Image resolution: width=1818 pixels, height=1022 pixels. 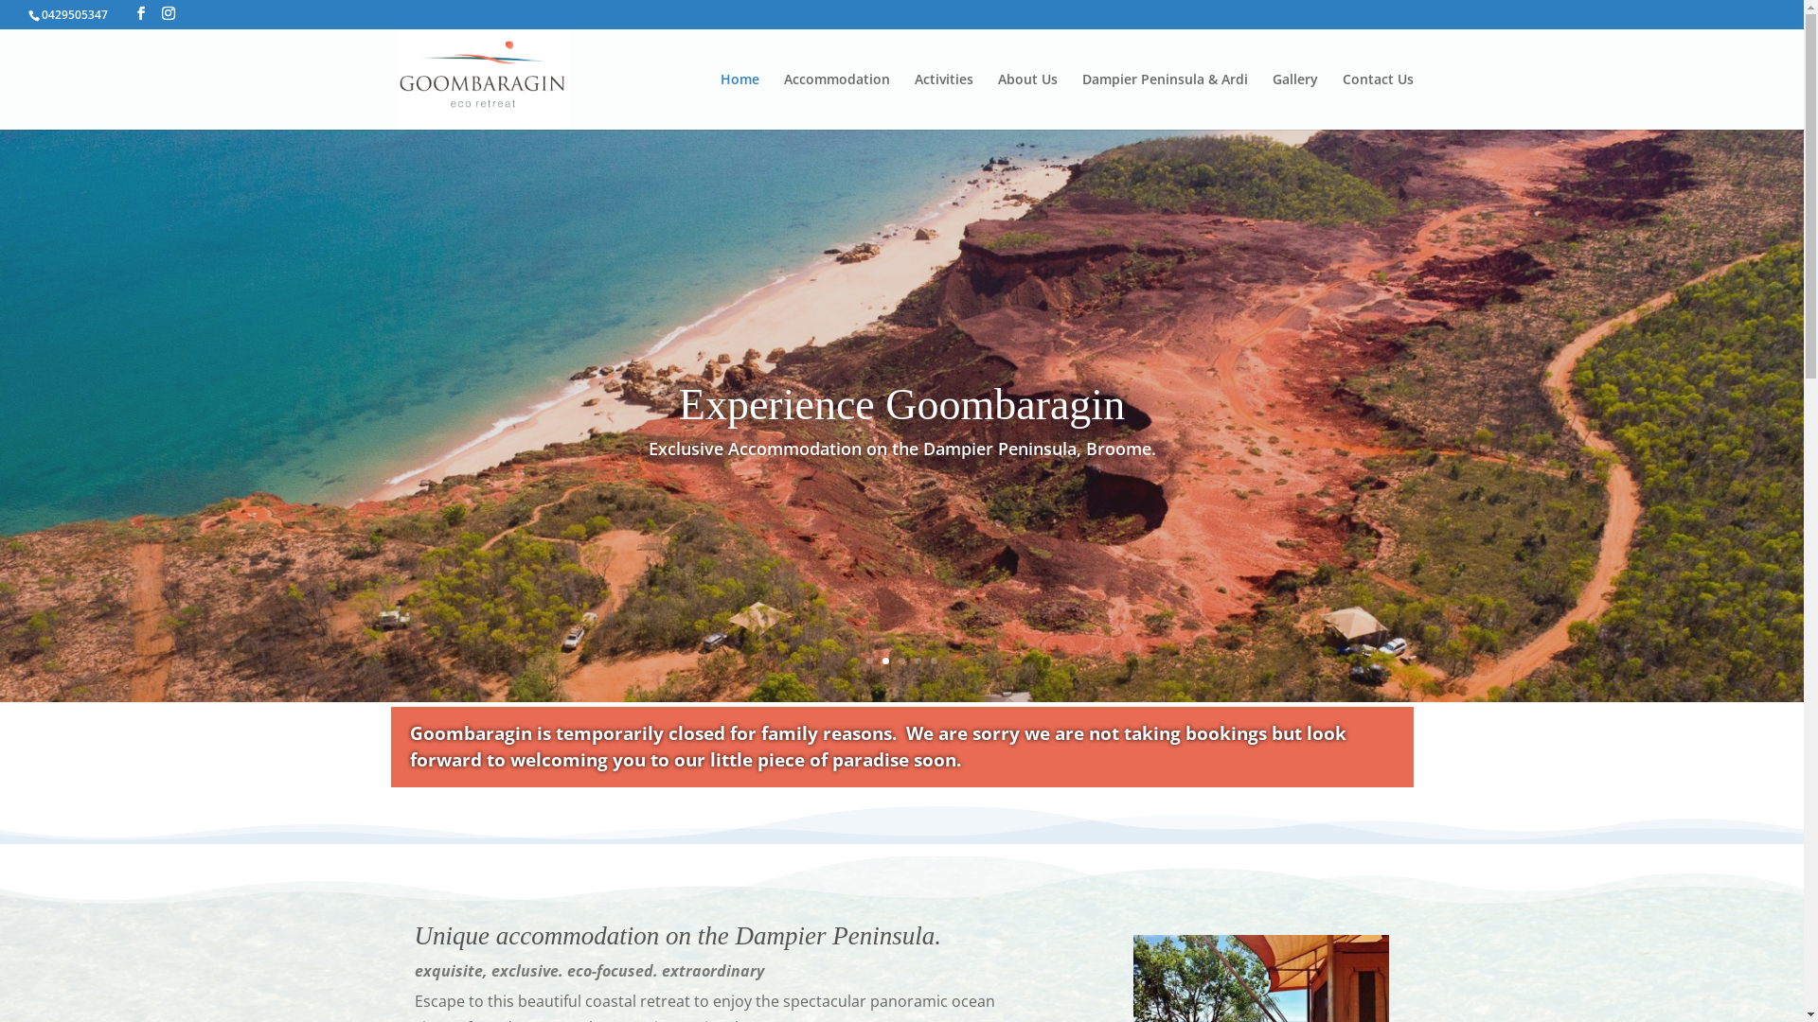 I want to click on 'Dampier Peninsula & Ardi', so click(x=1163, y=101).